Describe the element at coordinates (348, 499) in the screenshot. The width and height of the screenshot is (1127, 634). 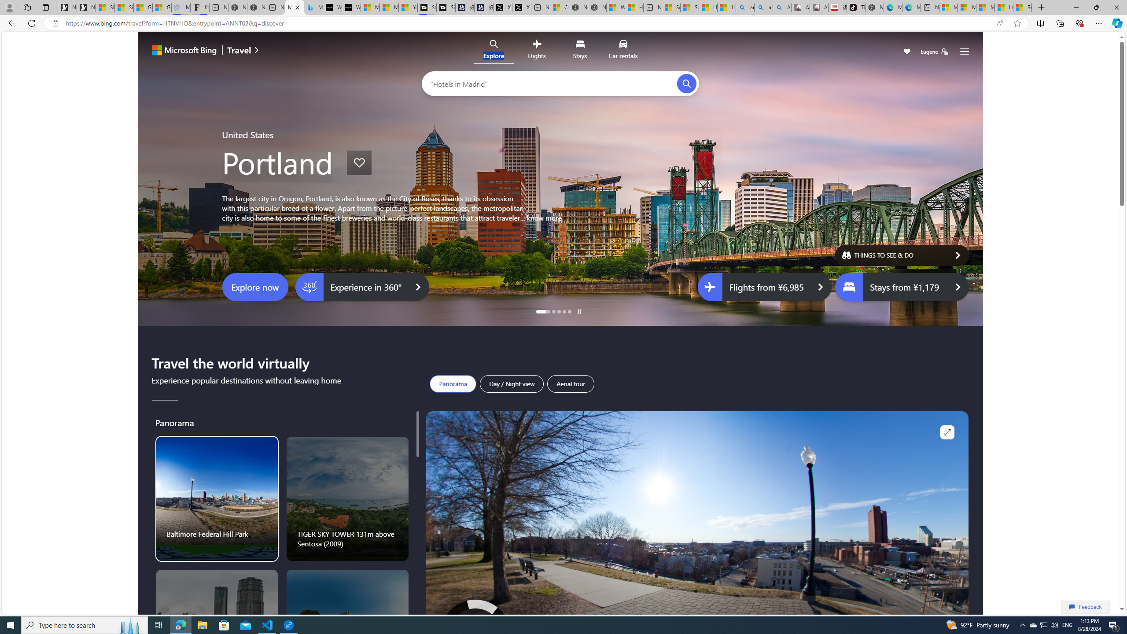
I see `'TIGER SKY TOWER 131m above Sentosa (2009)'` at that location.